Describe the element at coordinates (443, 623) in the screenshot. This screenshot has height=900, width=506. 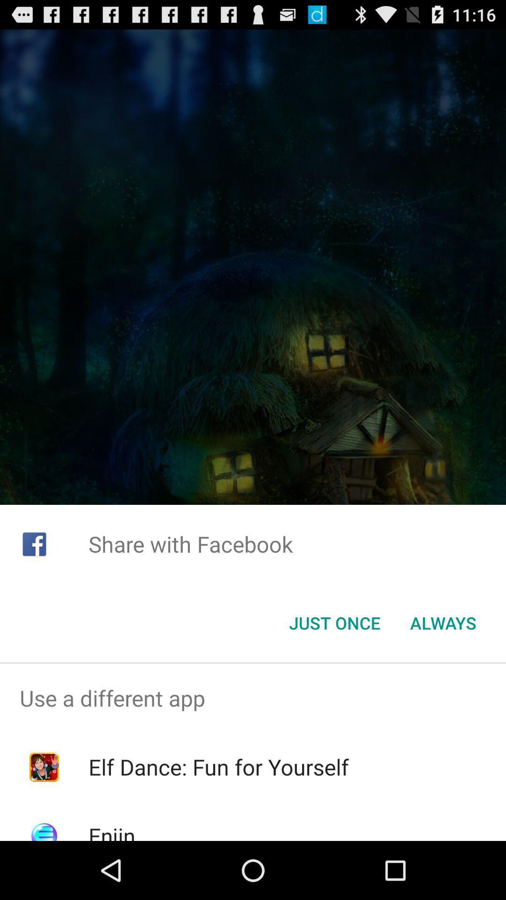
I see `always` at that location.